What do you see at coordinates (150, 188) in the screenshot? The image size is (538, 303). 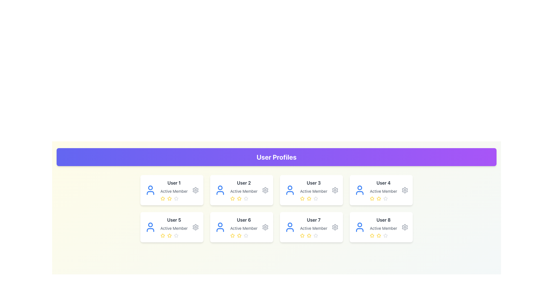 I see `the solid circular shape located at the top center of the user avatar icon representing 'User 1' on the card` at bounding box center [150, 188].